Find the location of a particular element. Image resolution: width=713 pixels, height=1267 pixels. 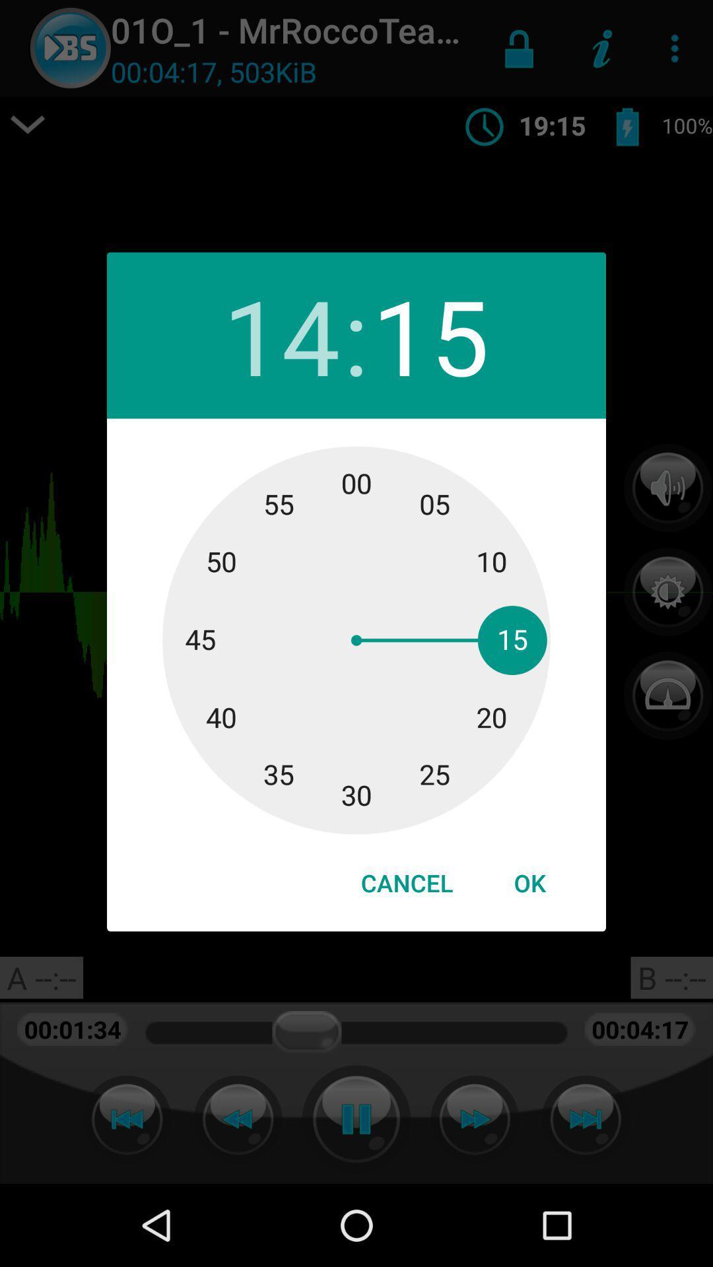

cancel at the bottom is located at coordinates (406, 883).